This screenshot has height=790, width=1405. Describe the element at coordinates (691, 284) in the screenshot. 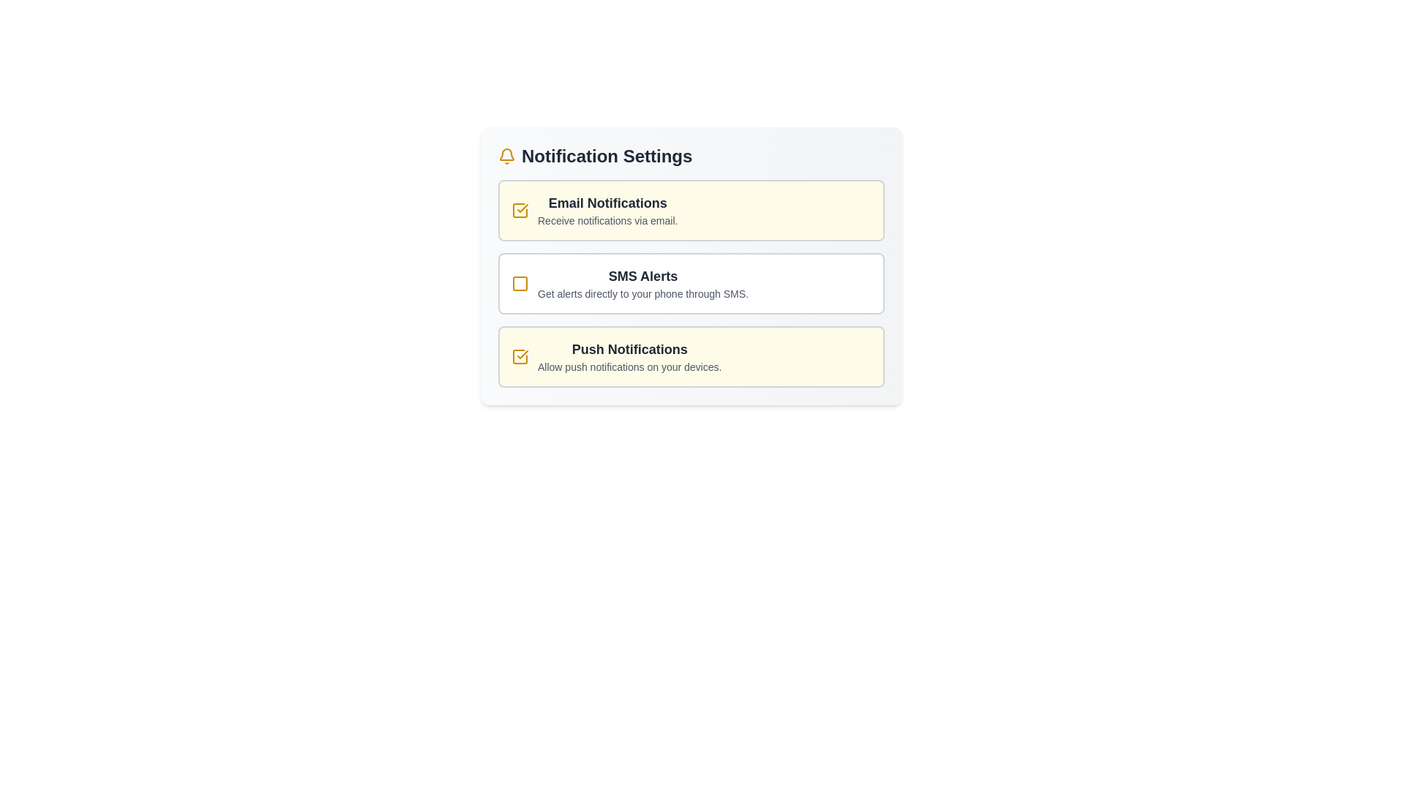

I see `description of the 'SMS Alerts' option card with a checkbox located in the 'Notification Settings' section, which is the second option in a vertical list of three` at that location.